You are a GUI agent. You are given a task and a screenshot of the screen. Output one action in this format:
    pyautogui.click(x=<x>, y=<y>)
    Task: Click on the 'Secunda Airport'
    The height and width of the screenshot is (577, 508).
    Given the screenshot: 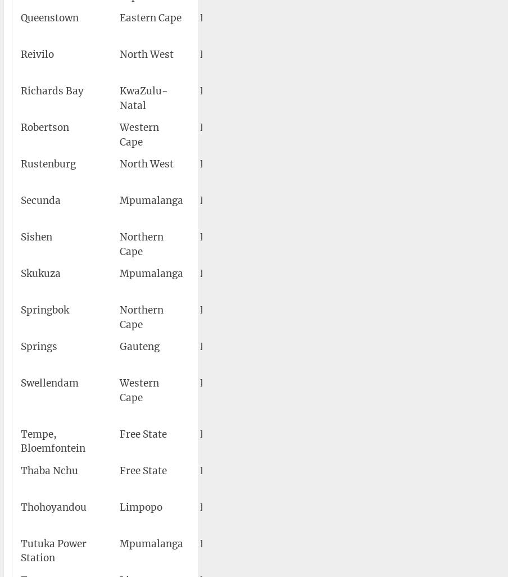 What is the action you would take?
    pyautogui.click(x=328, y=200)
    